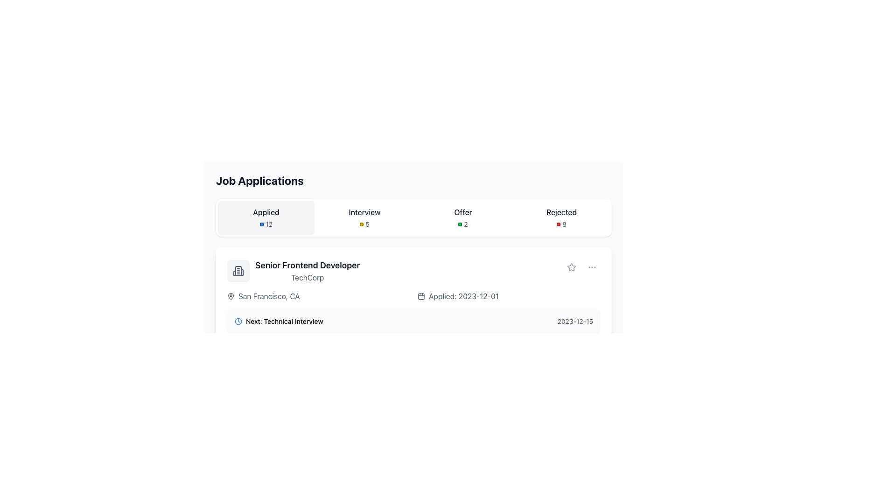 This screenshot has width=896, height=504. Describe the element at coordinates (364, 212) in the screenshot. I see `the static text label displaying 'Interview', which is centrally located under the 'Job Applications' header and positioned between 'Applied' and 'Offer' labels` at that location.